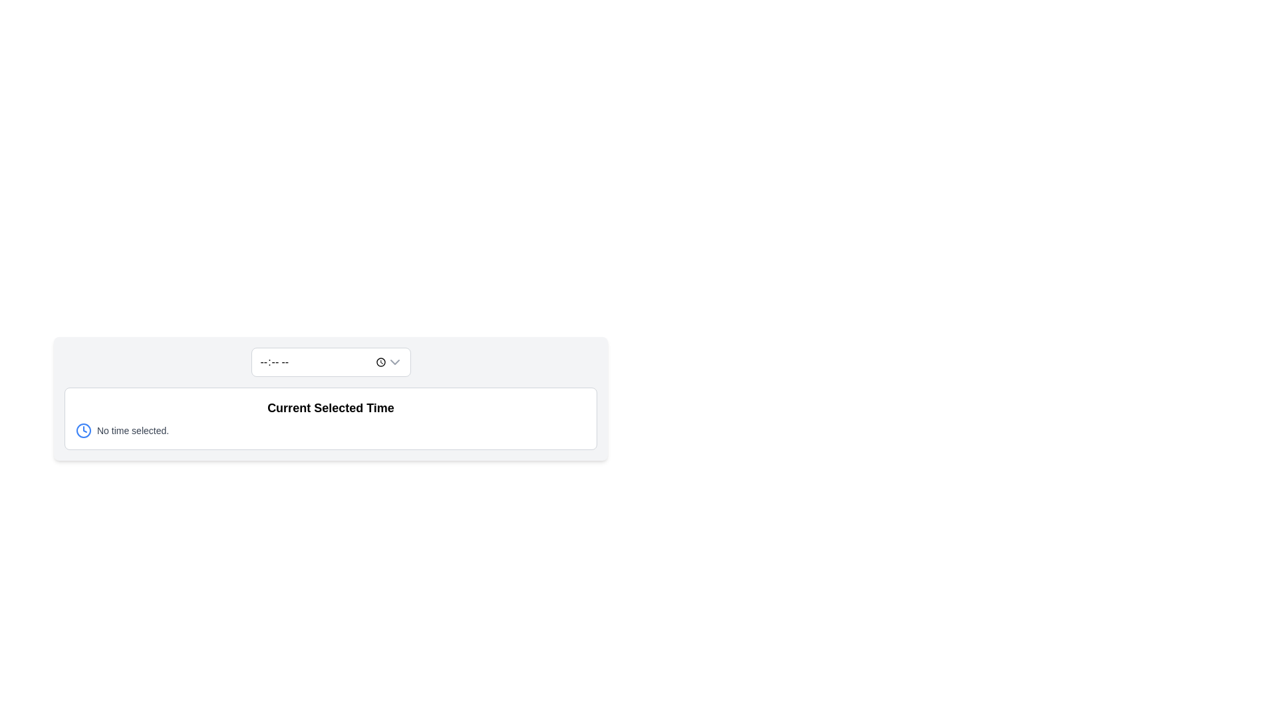 The width and height of the screenshot is (1277, 718). Describe the element at coordinates (82, 431) in the screenshot. I see `the blue-bordered, white-filled circular element within the clock icon that indicates time functionality, if it is interactable` at that location.